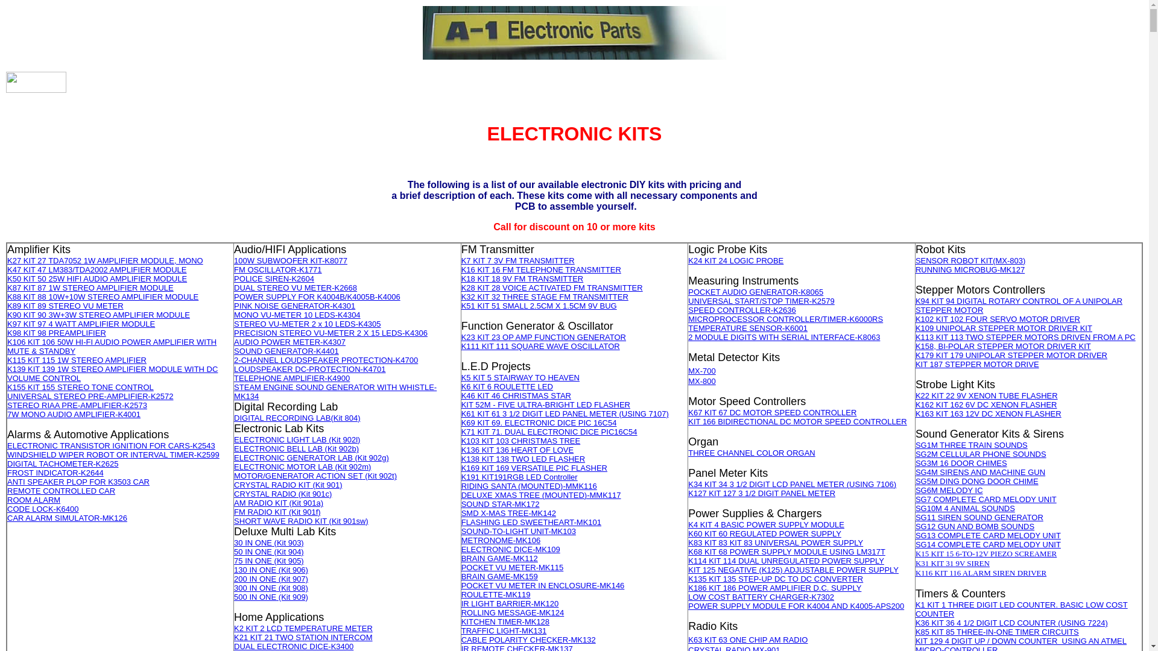  Describe the element at coordinates (234, 278) in the screenshot. I see `'POLICE SIREN-K2604'` at that location.